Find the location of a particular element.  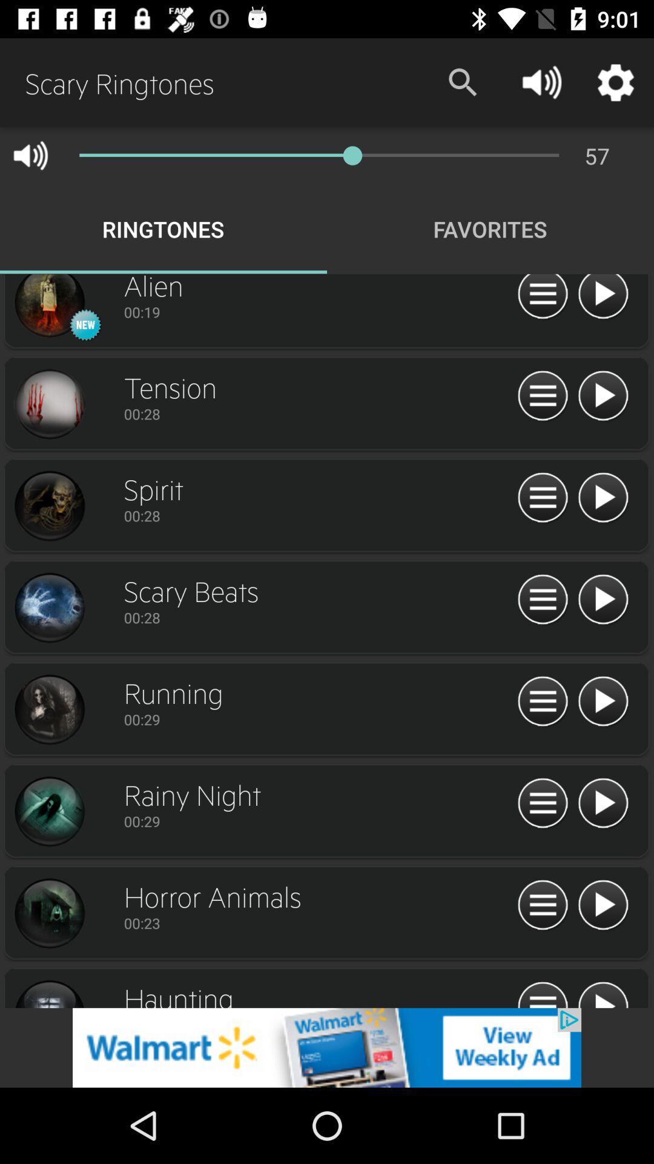

option button is located at coordinates (542, 298).